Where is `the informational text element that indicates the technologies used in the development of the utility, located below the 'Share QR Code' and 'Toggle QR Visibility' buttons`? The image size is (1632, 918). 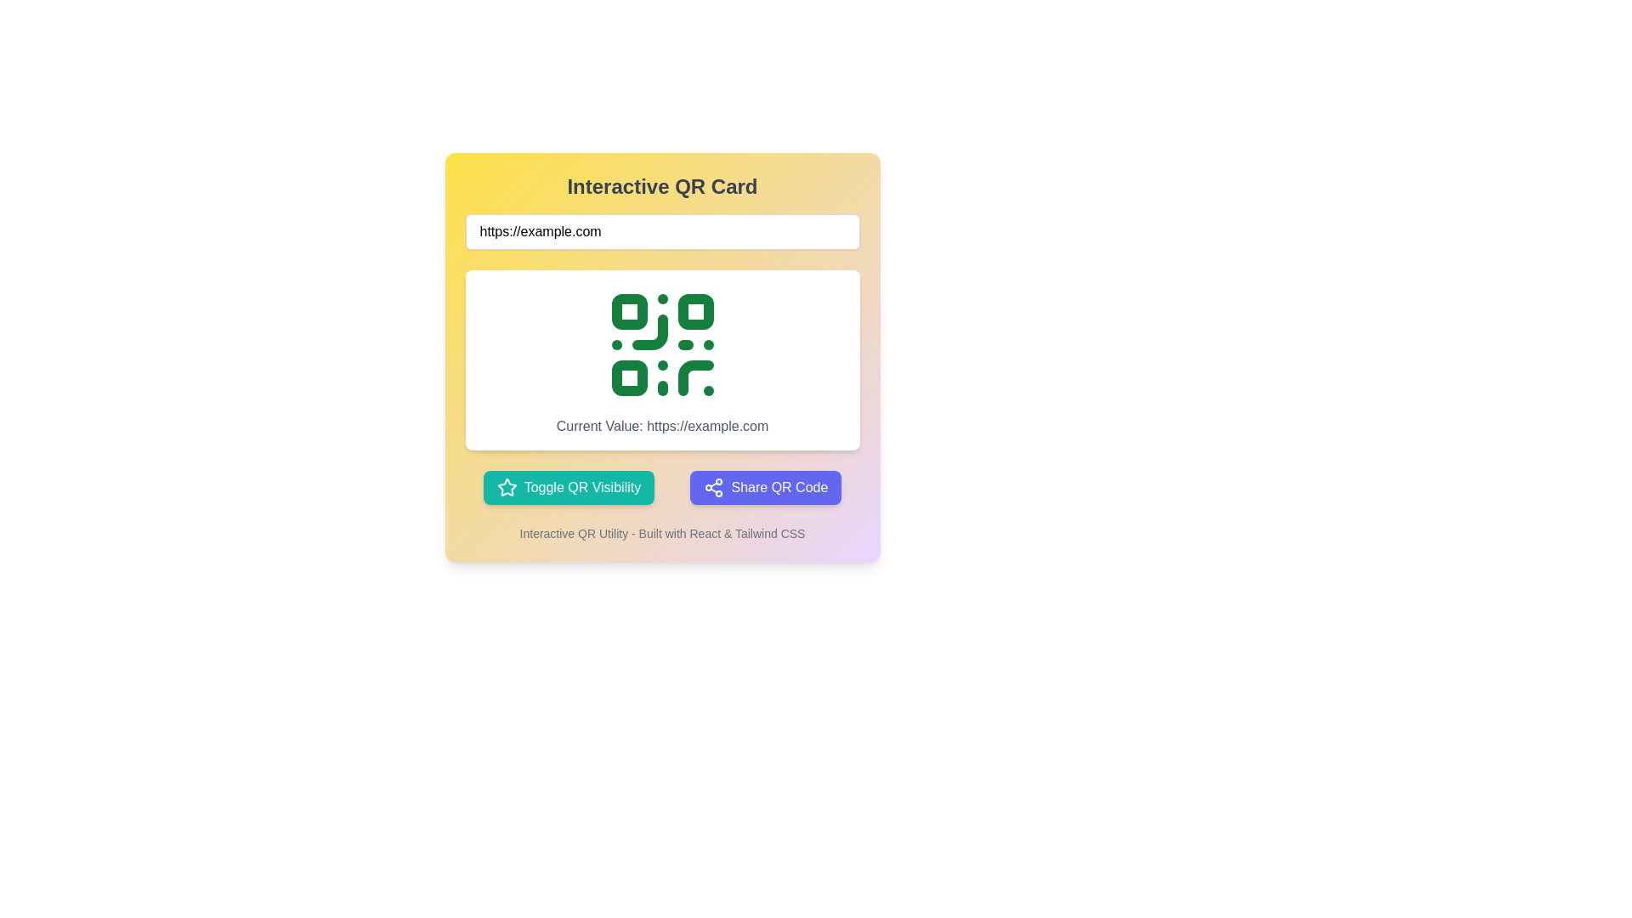
the informational text element that indicates the technologies used in the development of the utility, located below the 'Share QR Code' and 'Toggle QR Visibility' buttons is located at coordinates (661, 533).